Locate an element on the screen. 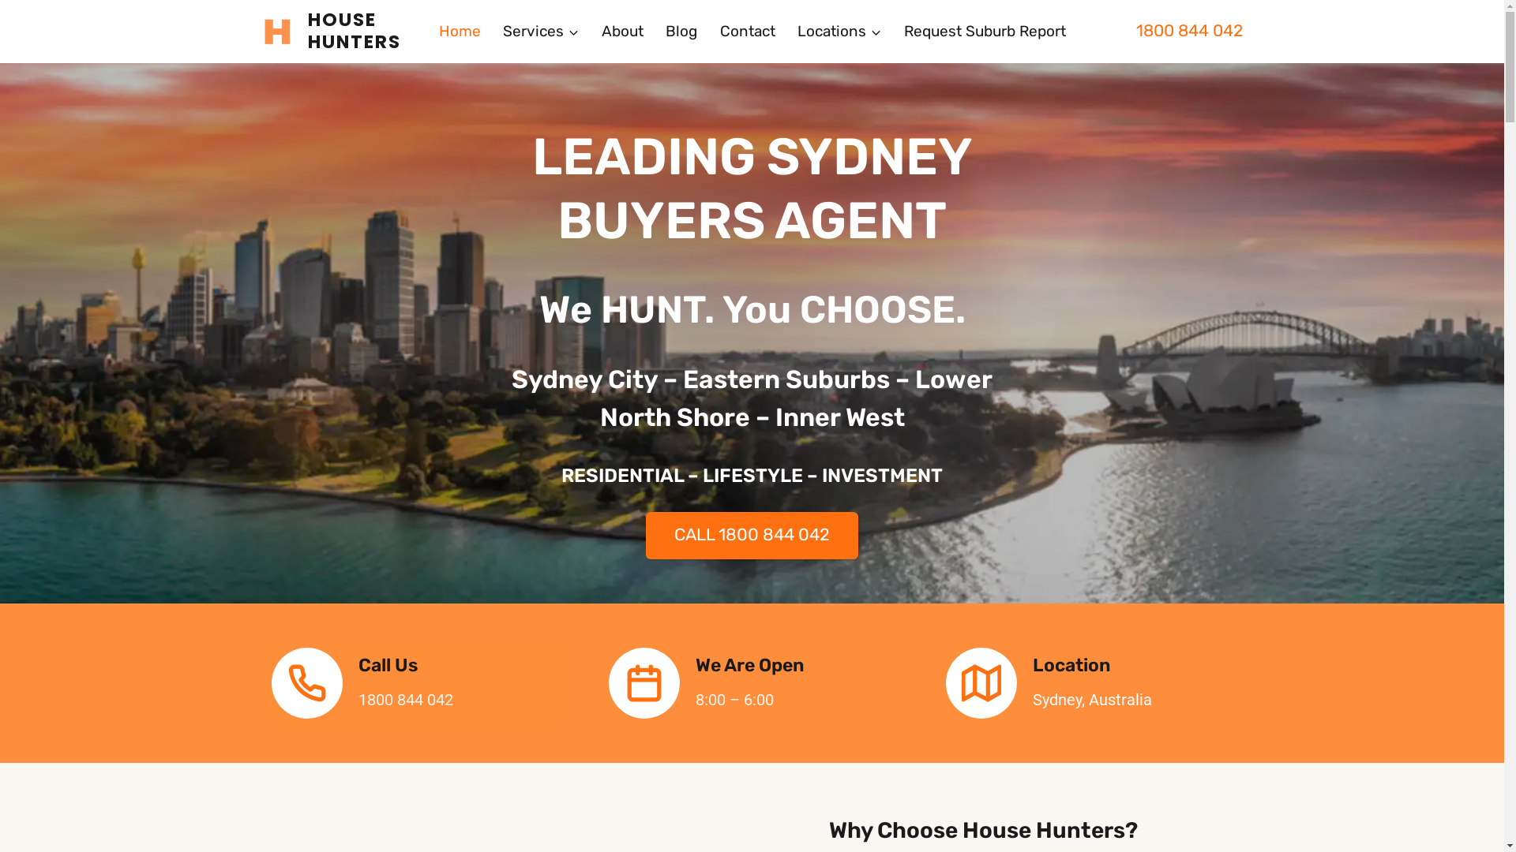 Image resolution: width=1516 pixels, height=852 pixels. 'Services' is located at coordinates (541, 31).